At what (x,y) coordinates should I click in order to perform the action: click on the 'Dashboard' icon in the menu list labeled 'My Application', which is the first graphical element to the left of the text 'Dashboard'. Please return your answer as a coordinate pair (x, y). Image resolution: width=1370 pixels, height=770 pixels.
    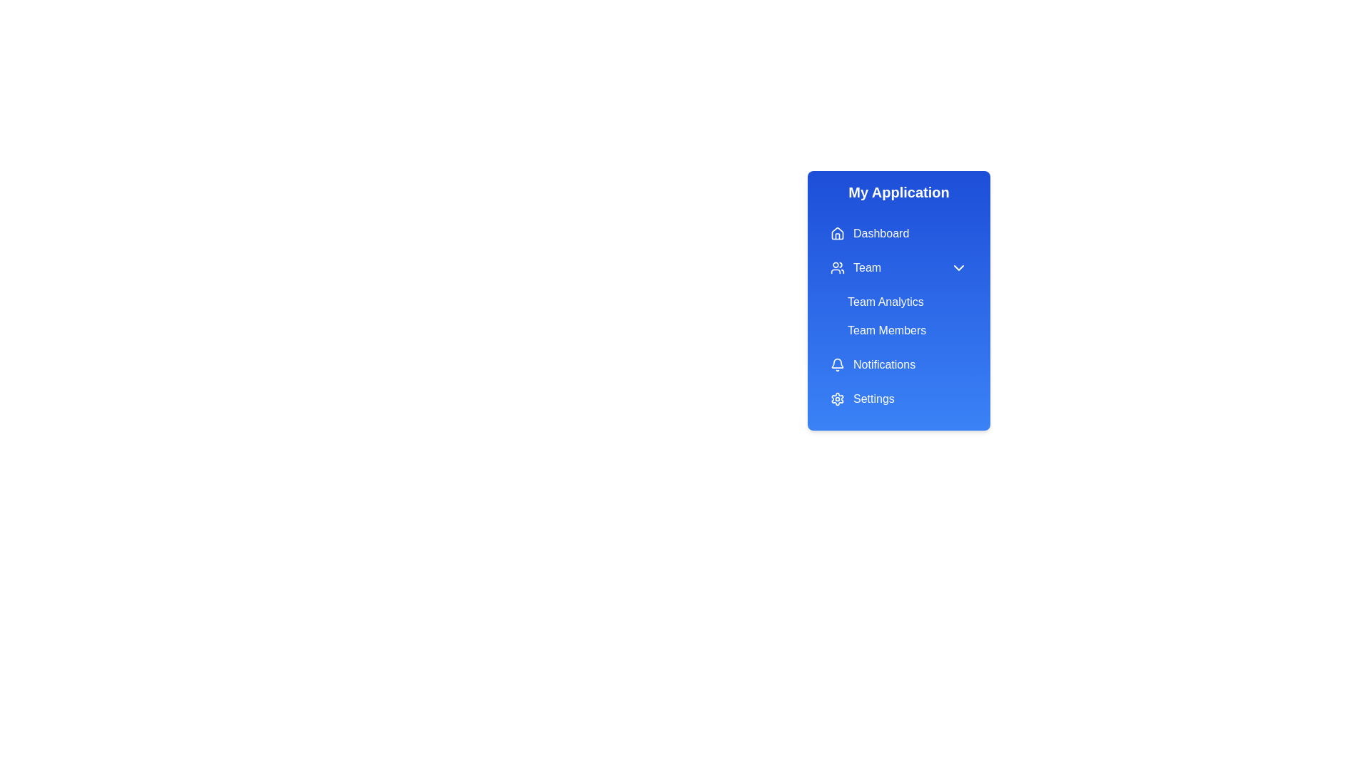
    Looking at the image, I should click on (838, 232).